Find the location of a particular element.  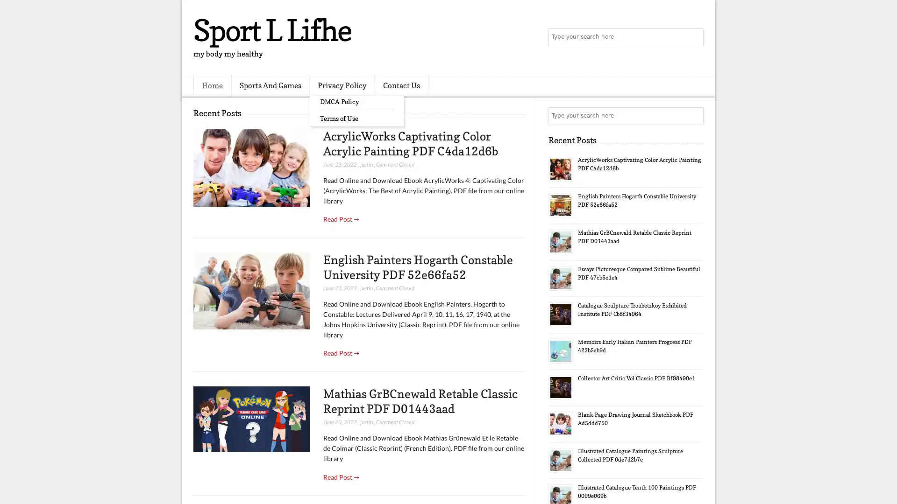

Search is located at coordinates (694, 37).